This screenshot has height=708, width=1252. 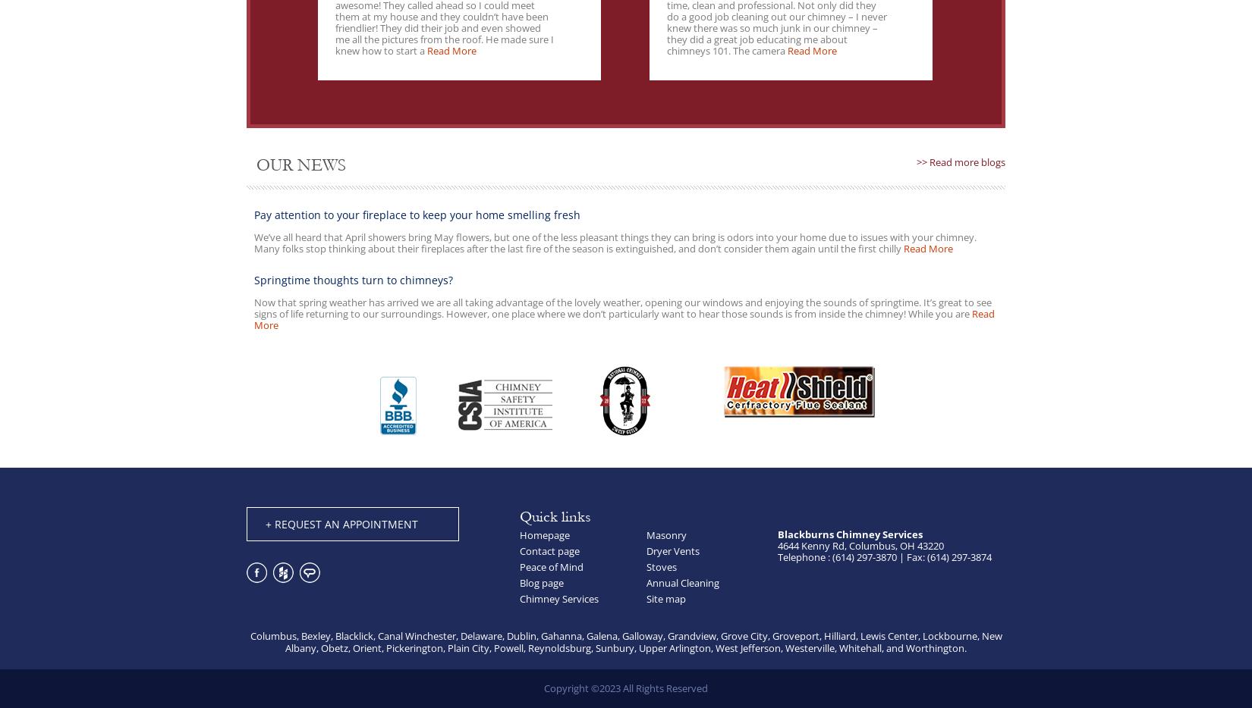 I want to click on 'Chimney Services', so click(x=558, y=597).